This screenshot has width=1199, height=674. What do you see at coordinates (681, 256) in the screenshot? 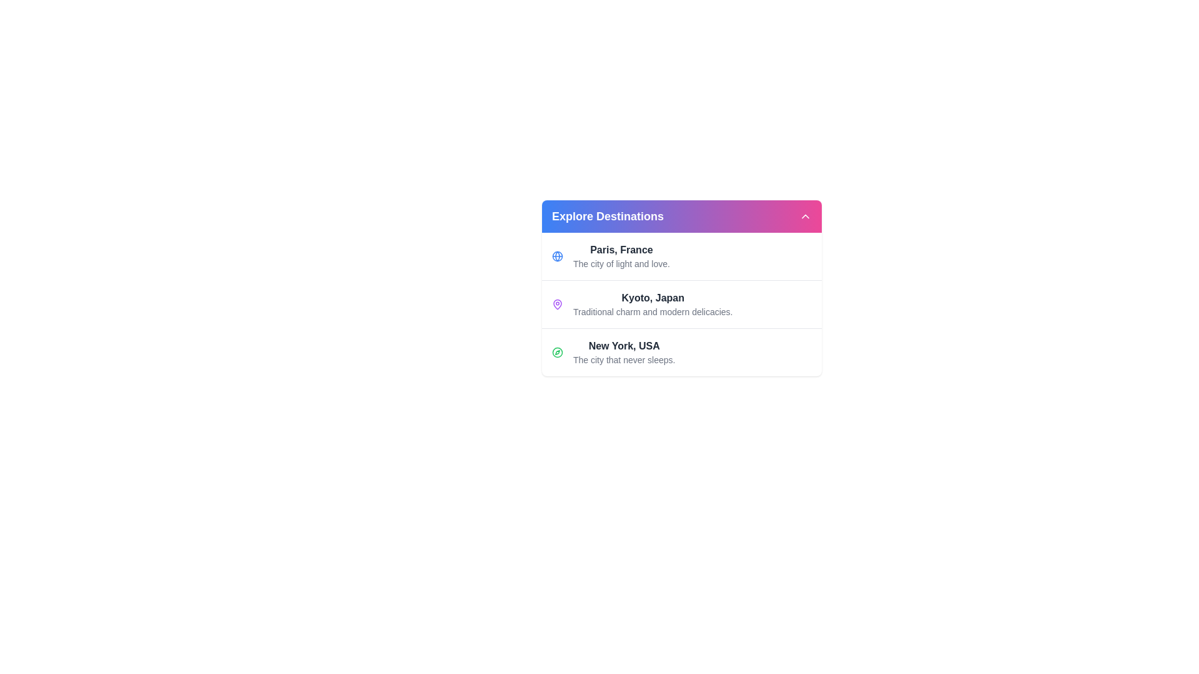
I see `the first list item that provides information about 'Paris, France'` at bounding box center [681, 256].